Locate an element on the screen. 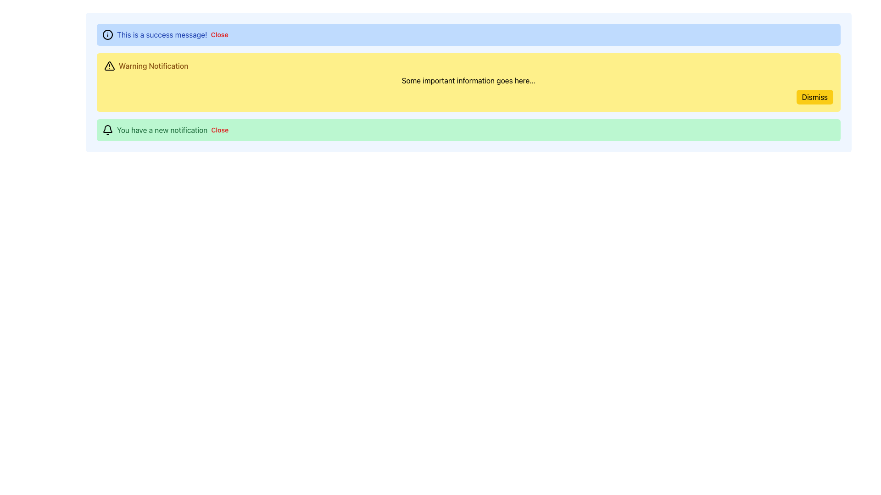 The width and height of the screenshot is (881, 495). text 'Some important information goes here...' displayed in the yellow notification box located below the 'Warning Notification' title and above the 'Dismiss' button is located at coordinates (468, 80).